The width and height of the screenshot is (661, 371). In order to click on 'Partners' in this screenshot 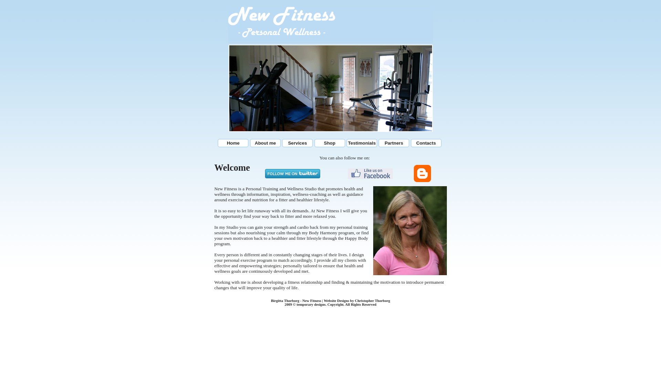, I will do `click(394, 143)`.